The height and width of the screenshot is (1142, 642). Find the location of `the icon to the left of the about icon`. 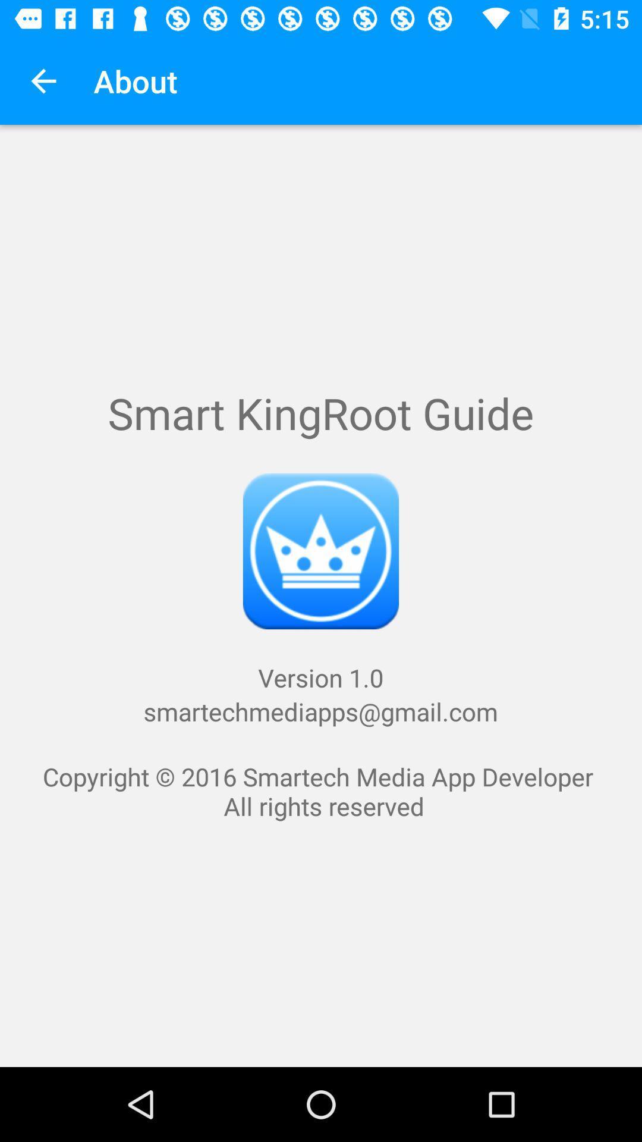

the icon to the left of the about icon is located at coordinates (43, 80).